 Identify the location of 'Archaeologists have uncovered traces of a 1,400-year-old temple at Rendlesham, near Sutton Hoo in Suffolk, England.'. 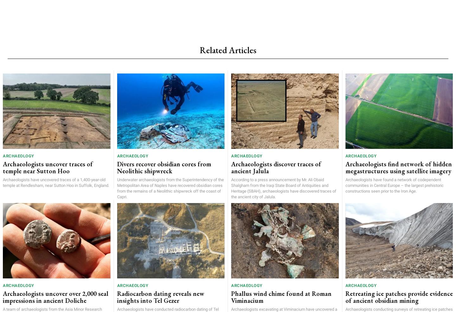
(55, 182).